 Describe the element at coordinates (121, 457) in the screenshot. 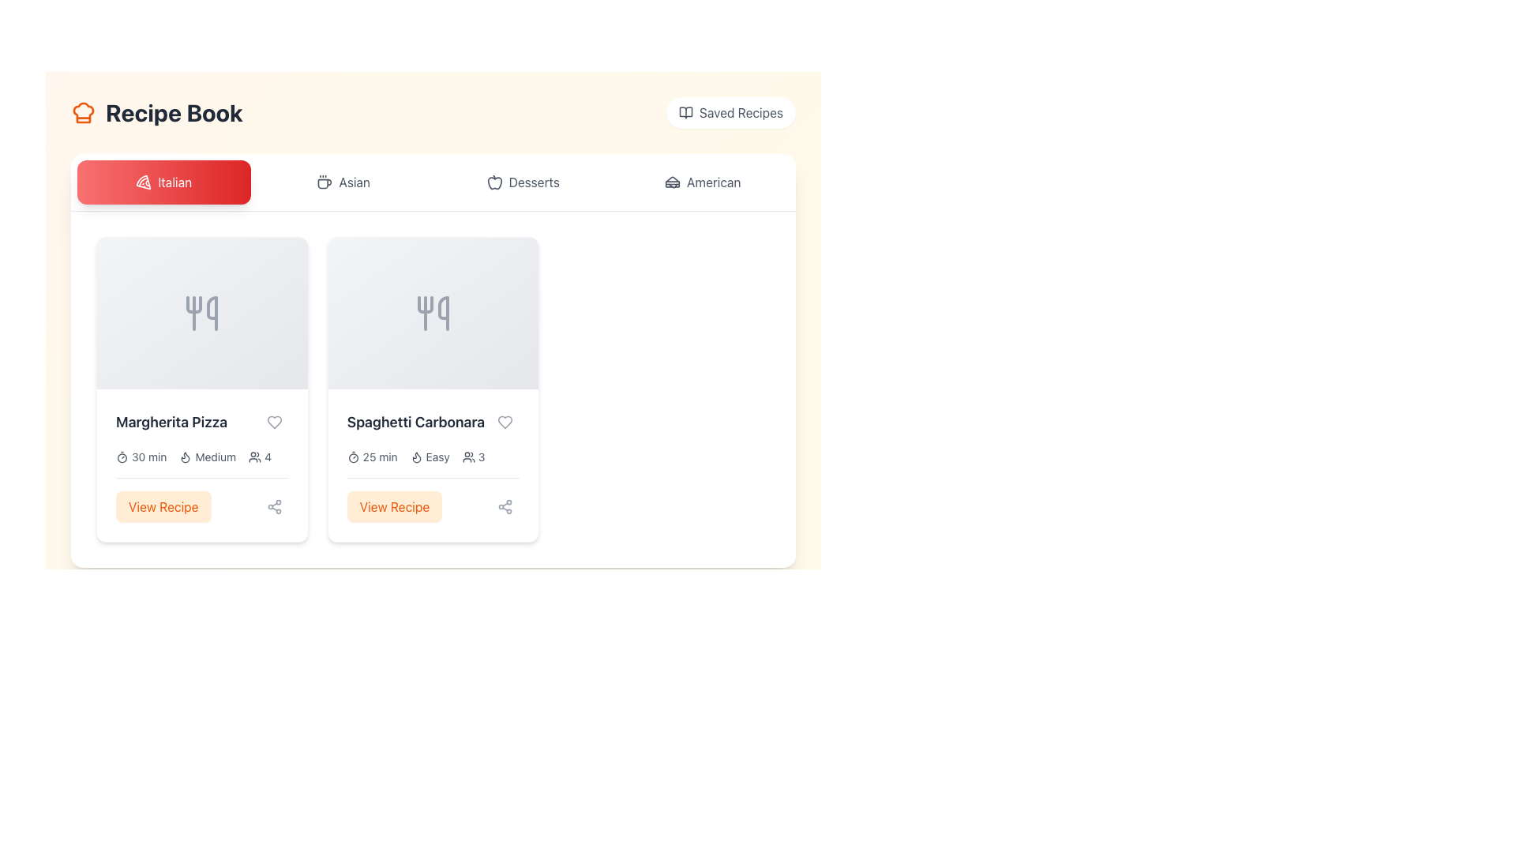

I see `the cooking duration icon located in the first recipe card under the 'Italian' category, positioned at the leftmost side of the horizontal grouping that includes the timer icon, '30 min' text, difficulty icon, and user count icon` at that location.